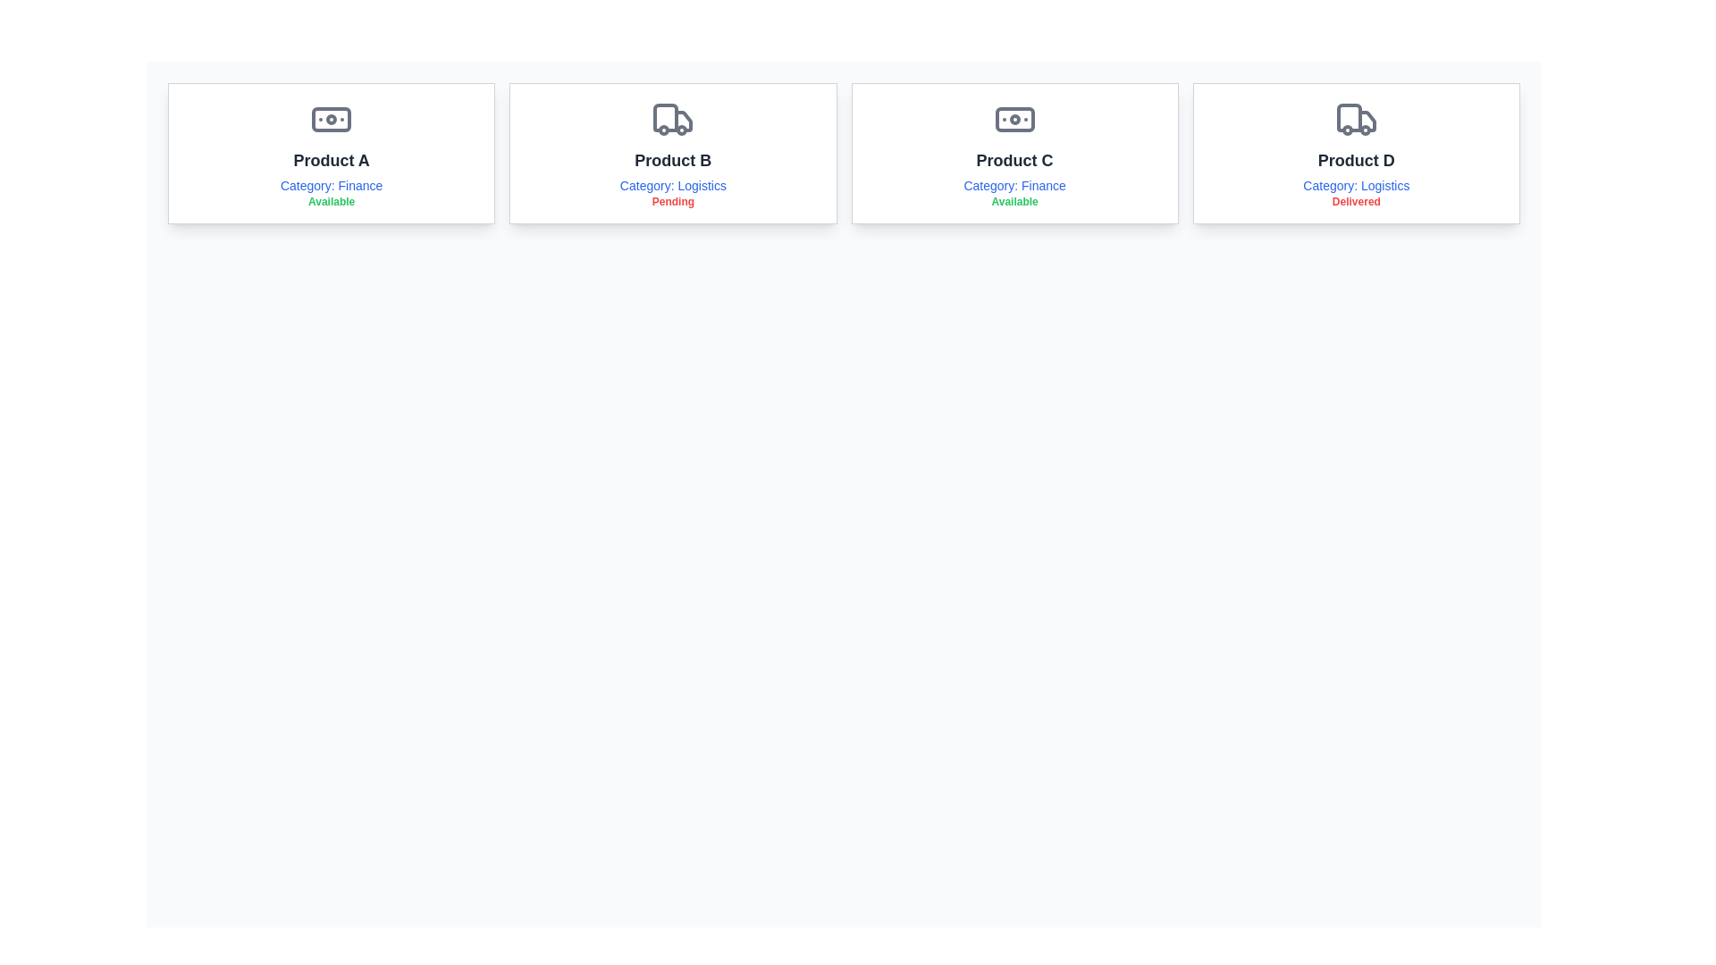 The width and height of the screenshot is (1716, 965). What do you see at coordinates (1014, 153) in the screenshot?
I see `the card displaying 'Product C' with a banknote icon, which is the third card in a horizontal grid, to focus or select it` at bounding box center [1014, 153].